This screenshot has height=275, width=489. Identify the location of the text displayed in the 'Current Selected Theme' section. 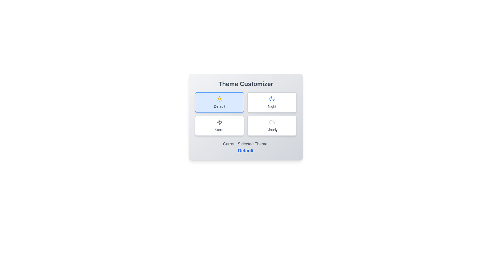
(246, 147).